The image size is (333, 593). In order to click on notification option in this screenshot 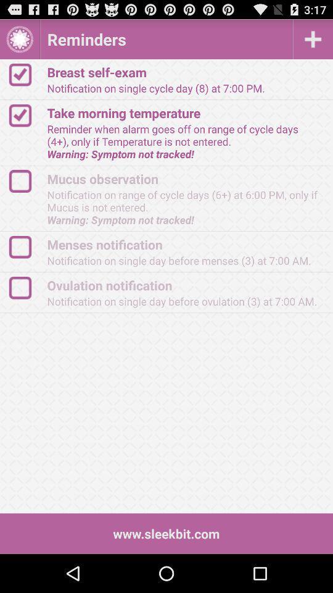, I will do `click(26, 288)`.